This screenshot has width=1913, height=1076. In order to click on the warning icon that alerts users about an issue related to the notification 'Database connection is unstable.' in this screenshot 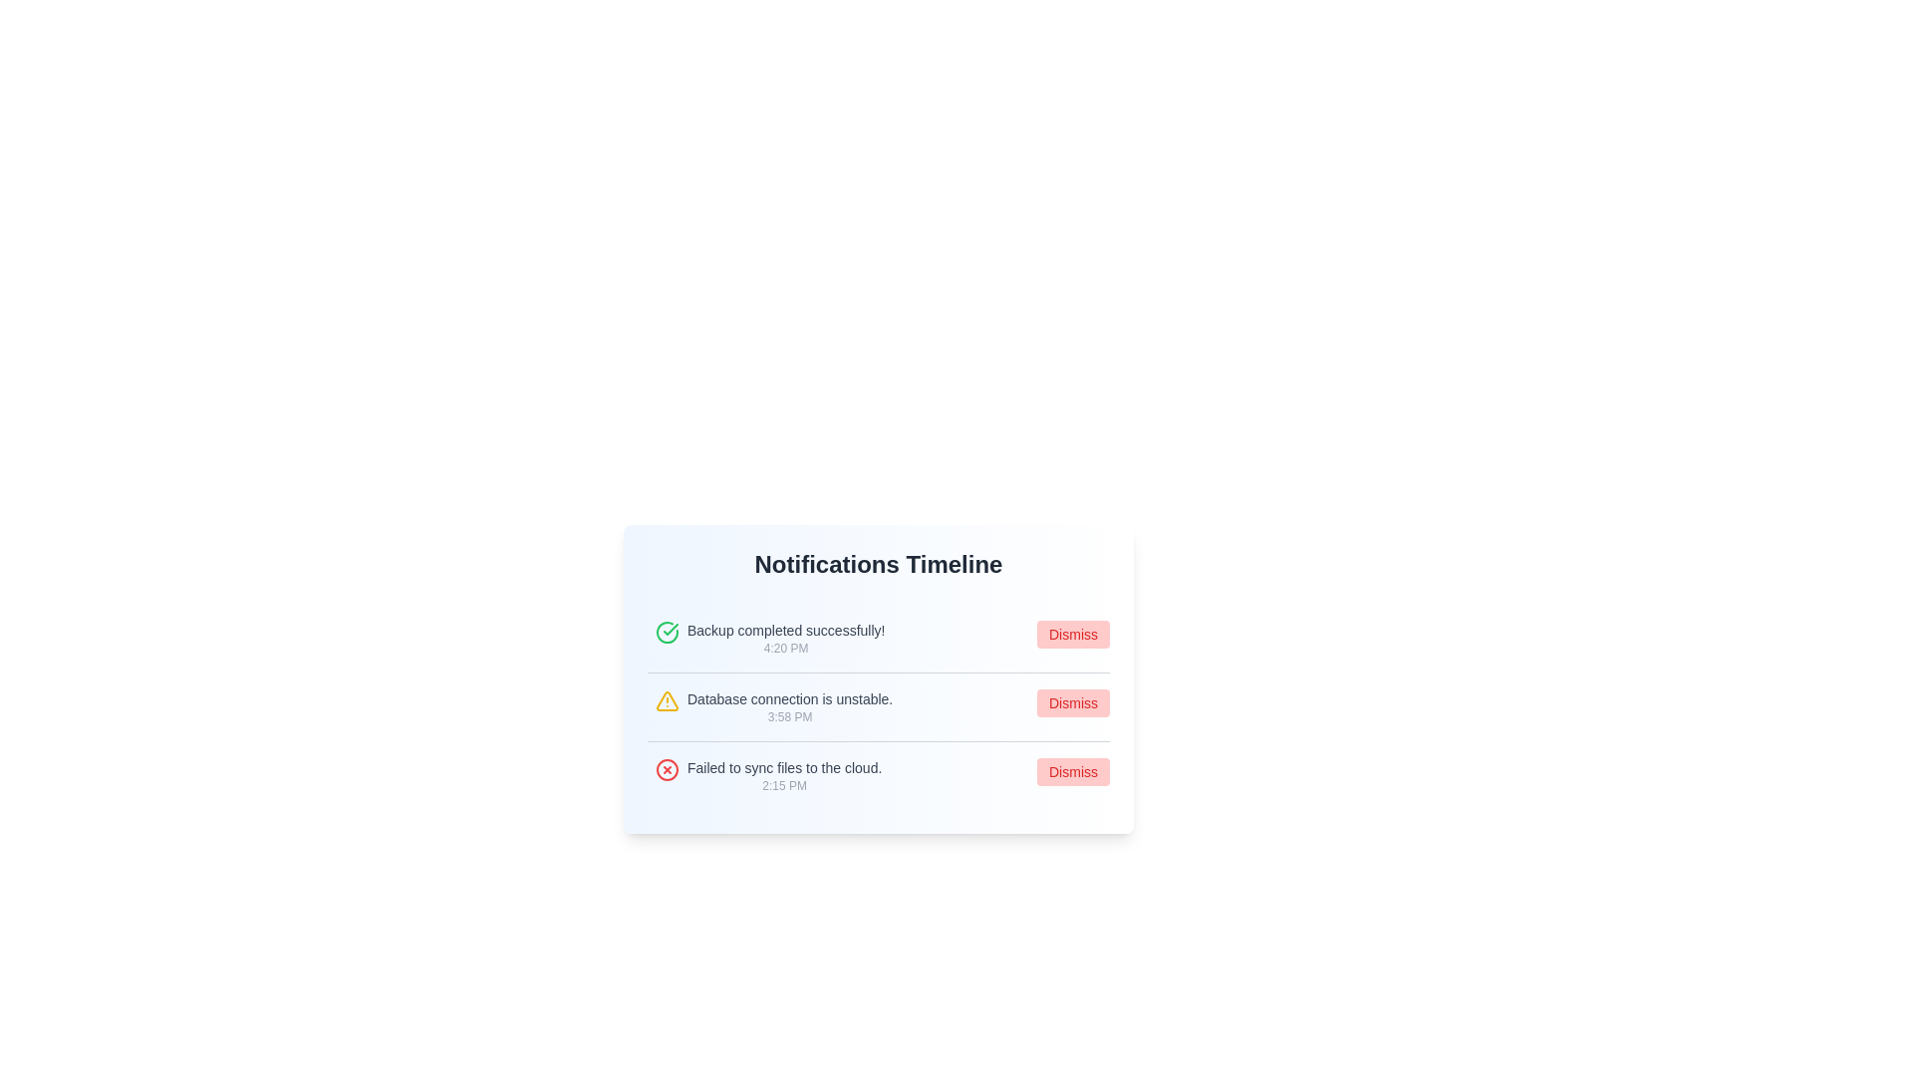, I will do `click(668, 700)`.